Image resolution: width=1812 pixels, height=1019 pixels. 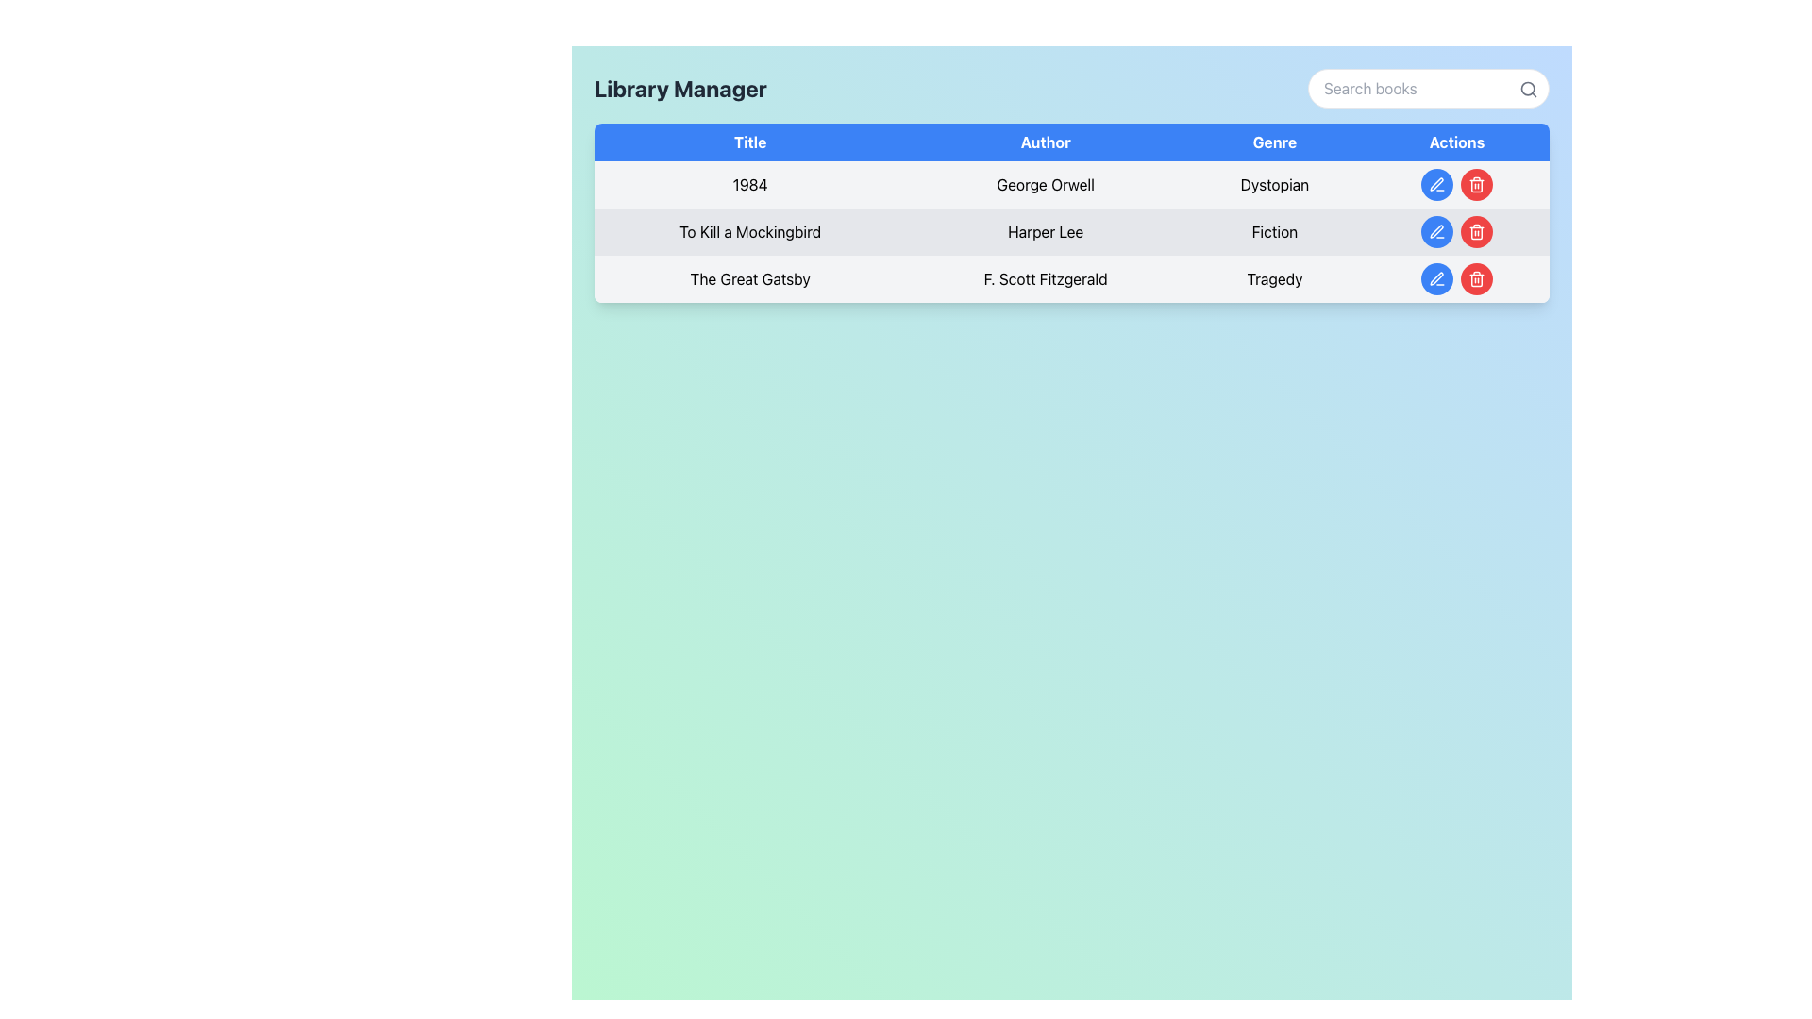 I want to click on the delete icon button in the Actions column of the second row, so click(x=1475, y=231).